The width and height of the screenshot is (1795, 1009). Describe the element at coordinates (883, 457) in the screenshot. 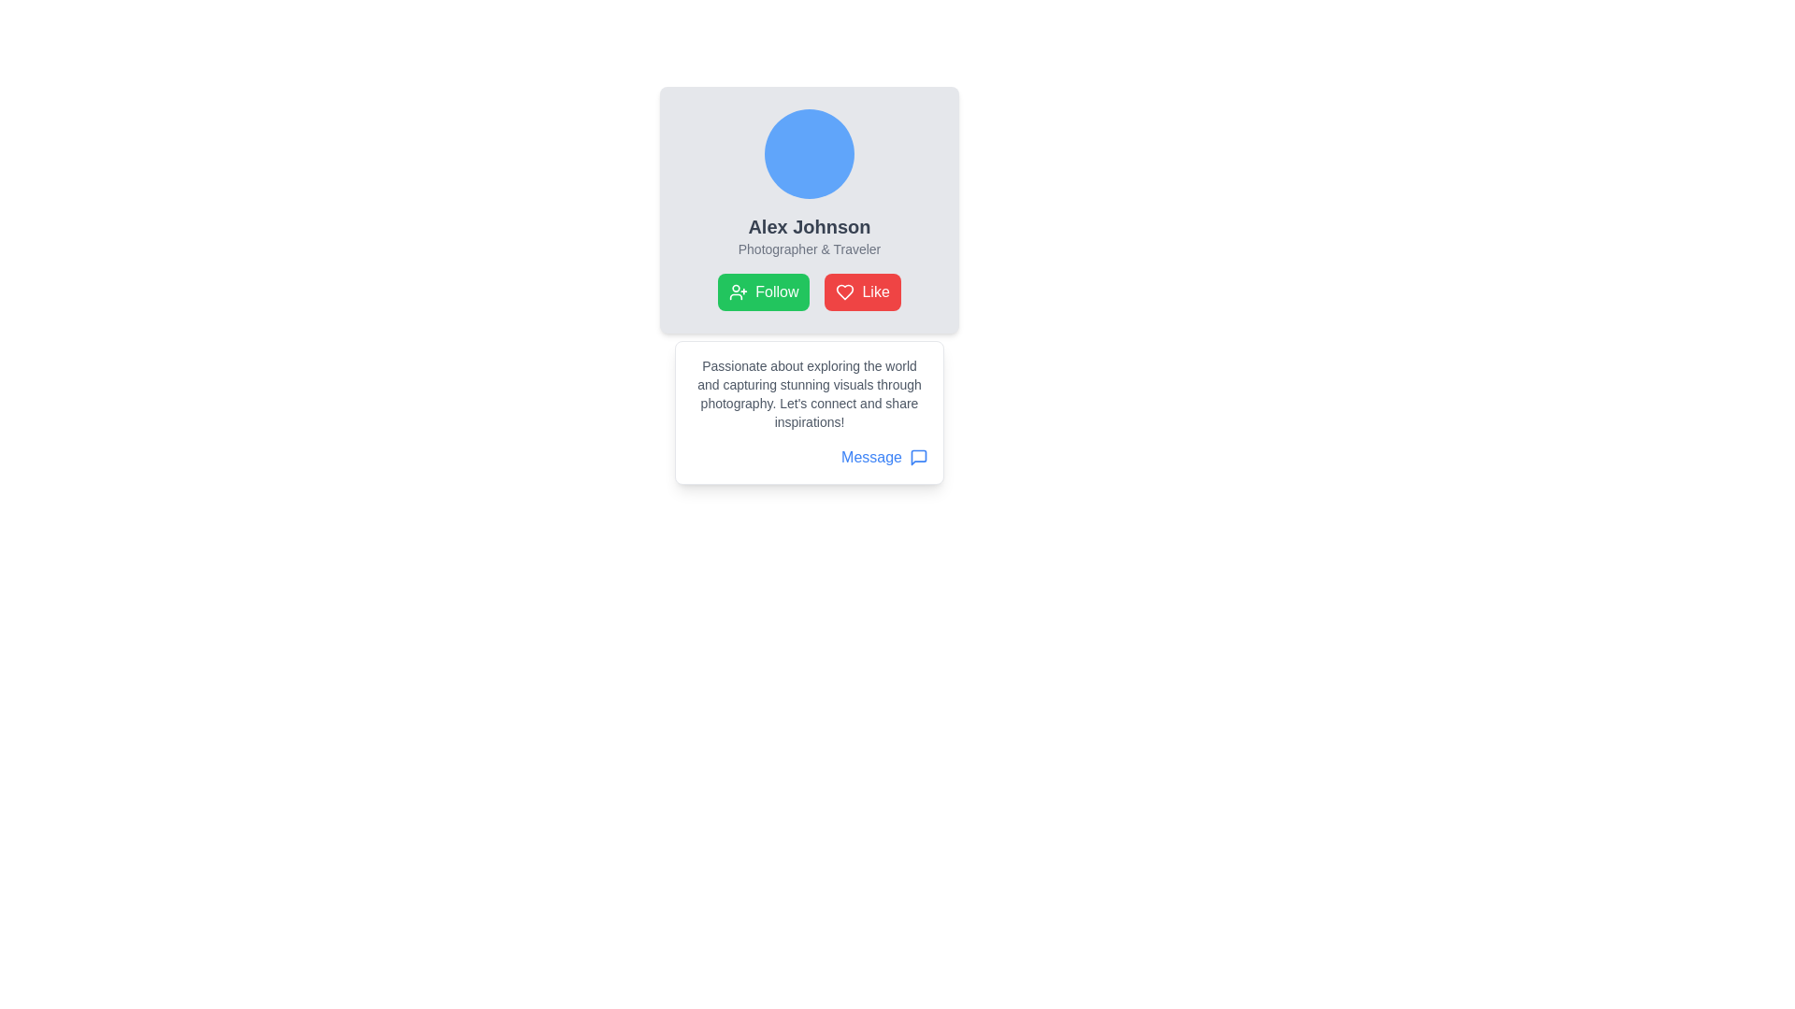

I see `the 'Message' button with a speech bubble icon located at the bottom-right of the card structure` at that location.